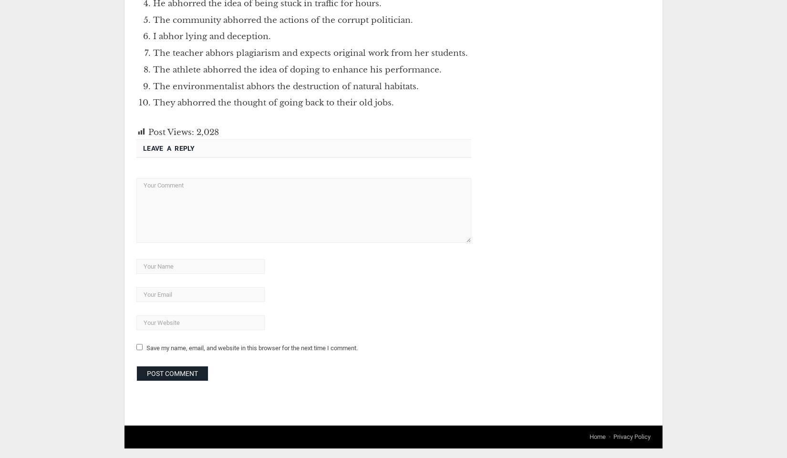 This screenshot has height=458, width=787. What do you see at coordinates (168, 148) in the screenshot?
I see `'Leave A Reply'` at bounding box center [168, 148].